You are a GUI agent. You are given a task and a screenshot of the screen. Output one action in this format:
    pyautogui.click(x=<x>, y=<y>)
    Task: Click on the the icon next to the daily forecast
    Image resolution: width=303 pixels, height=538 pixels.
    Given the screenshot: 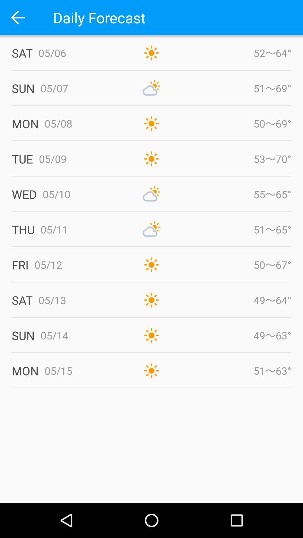 What is the action you would take?
    pyautogui.click(x=17, y=17)
    